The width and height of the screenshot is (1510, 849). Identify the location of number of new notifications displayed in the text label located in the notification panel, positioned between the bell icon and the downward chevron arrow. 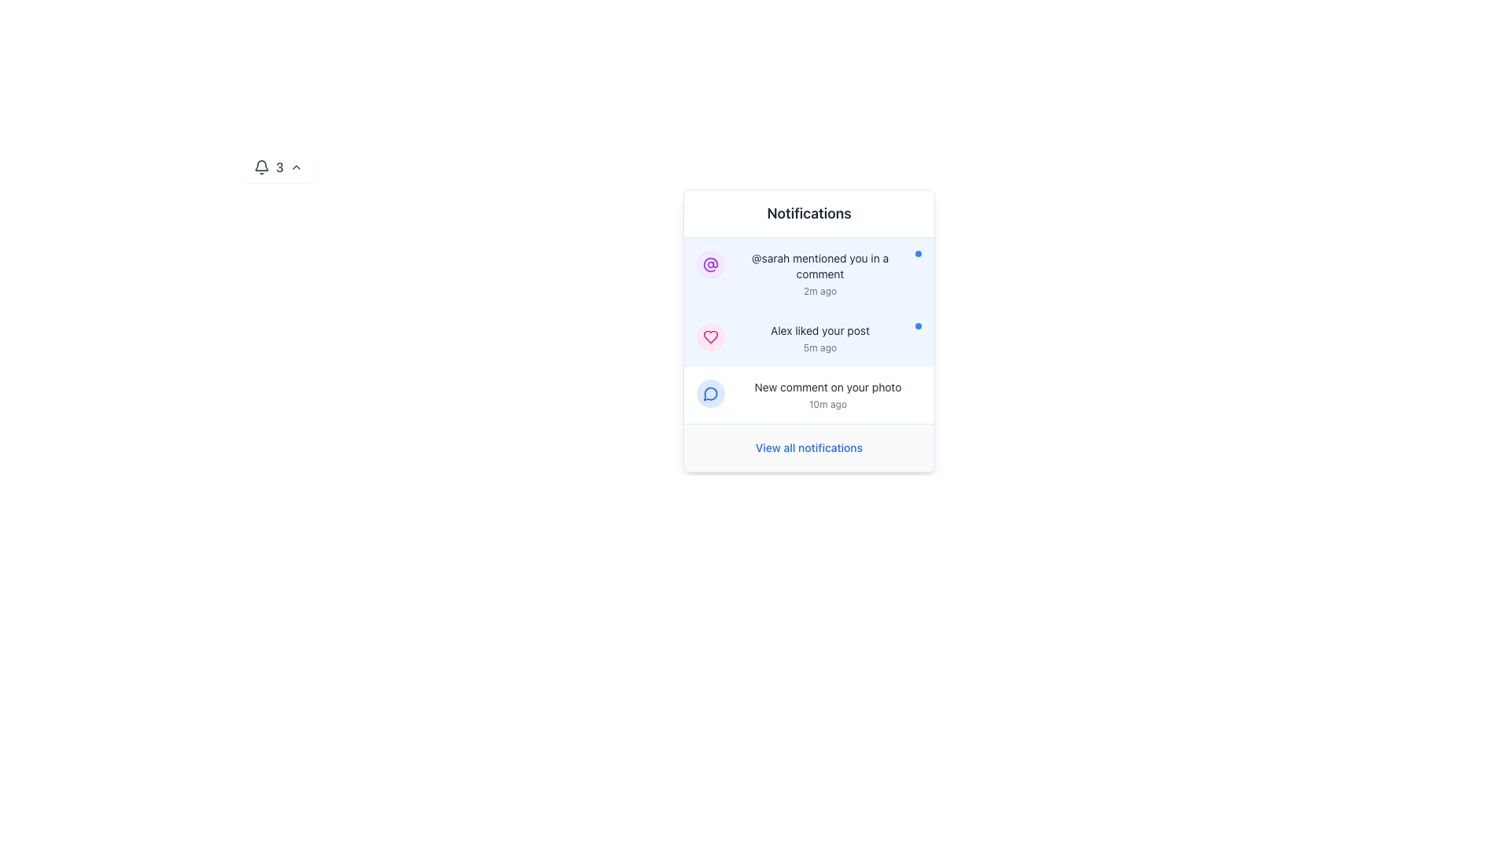
(279, 167).